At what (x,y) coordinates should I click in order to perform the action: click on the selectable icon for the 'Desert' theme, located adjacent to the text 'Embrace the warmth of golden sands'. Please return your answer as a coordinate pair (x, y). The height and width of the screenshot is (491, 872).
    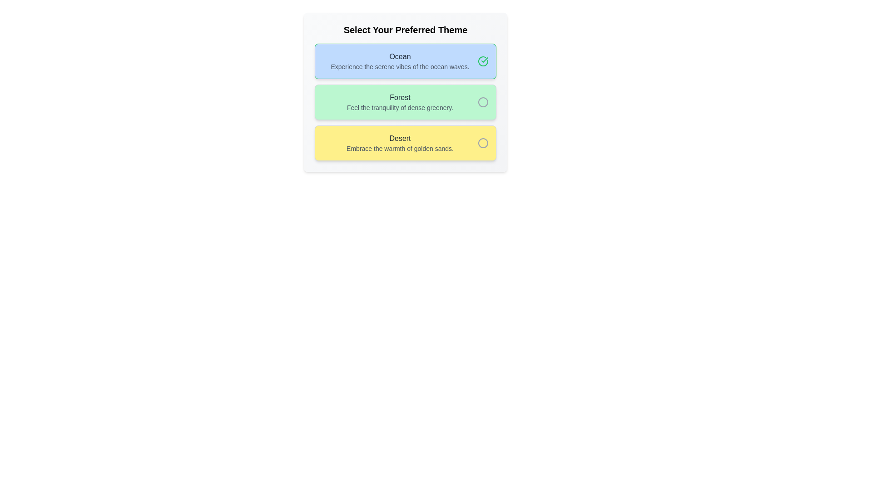
    Looking at the image, I should click on (483, 143).